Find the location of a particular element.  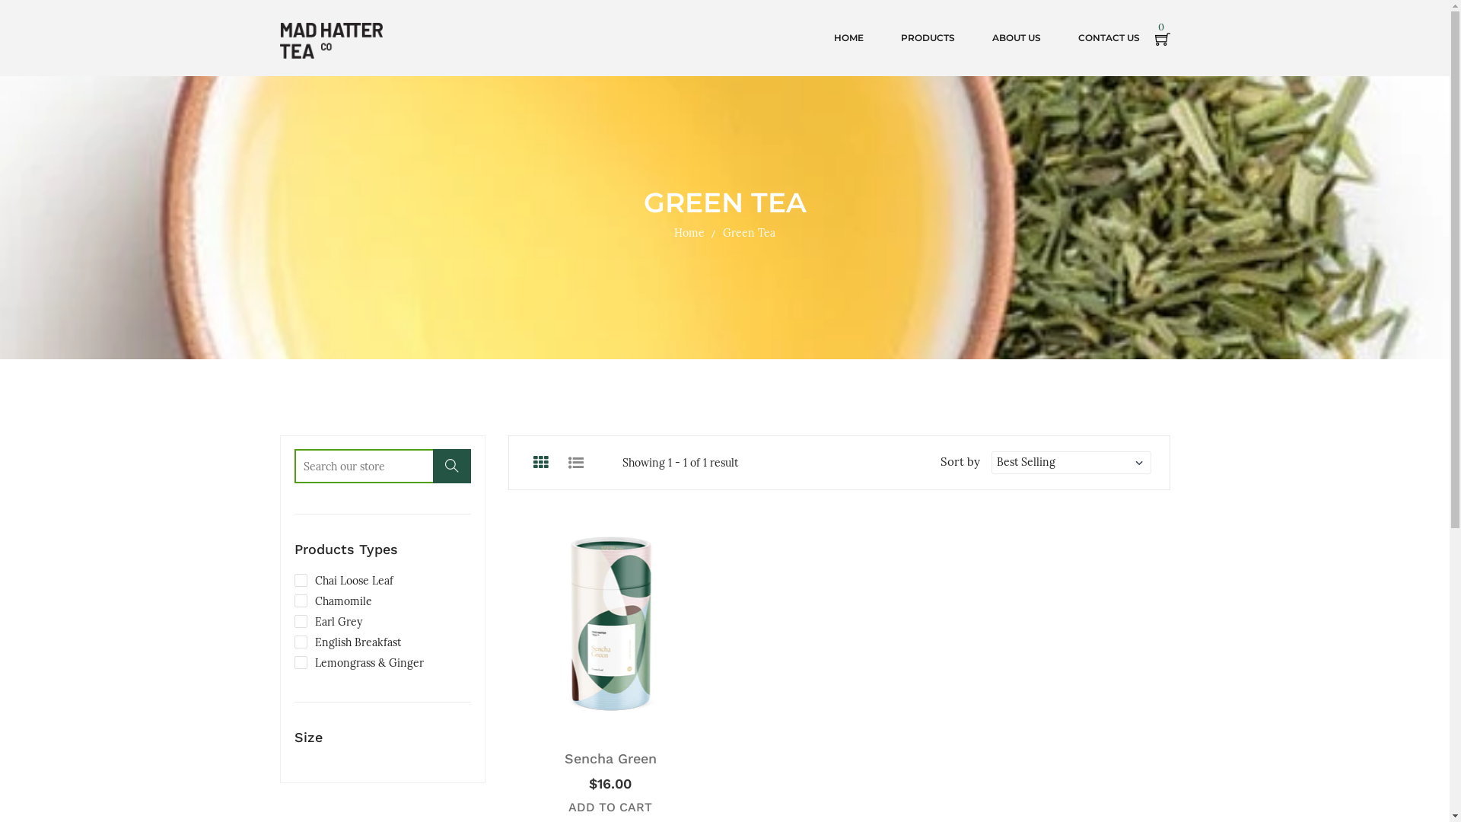

'Home' is located at coordinates (689, 232).